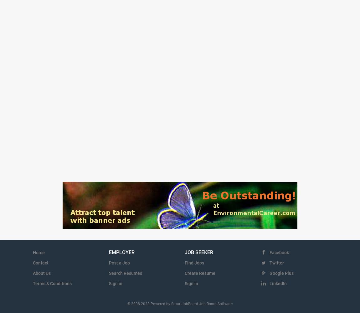  What do you see at coordinates (184, 252) in the screenshot?
I see `'Job Seeker'` at bounding box center [184, 252].